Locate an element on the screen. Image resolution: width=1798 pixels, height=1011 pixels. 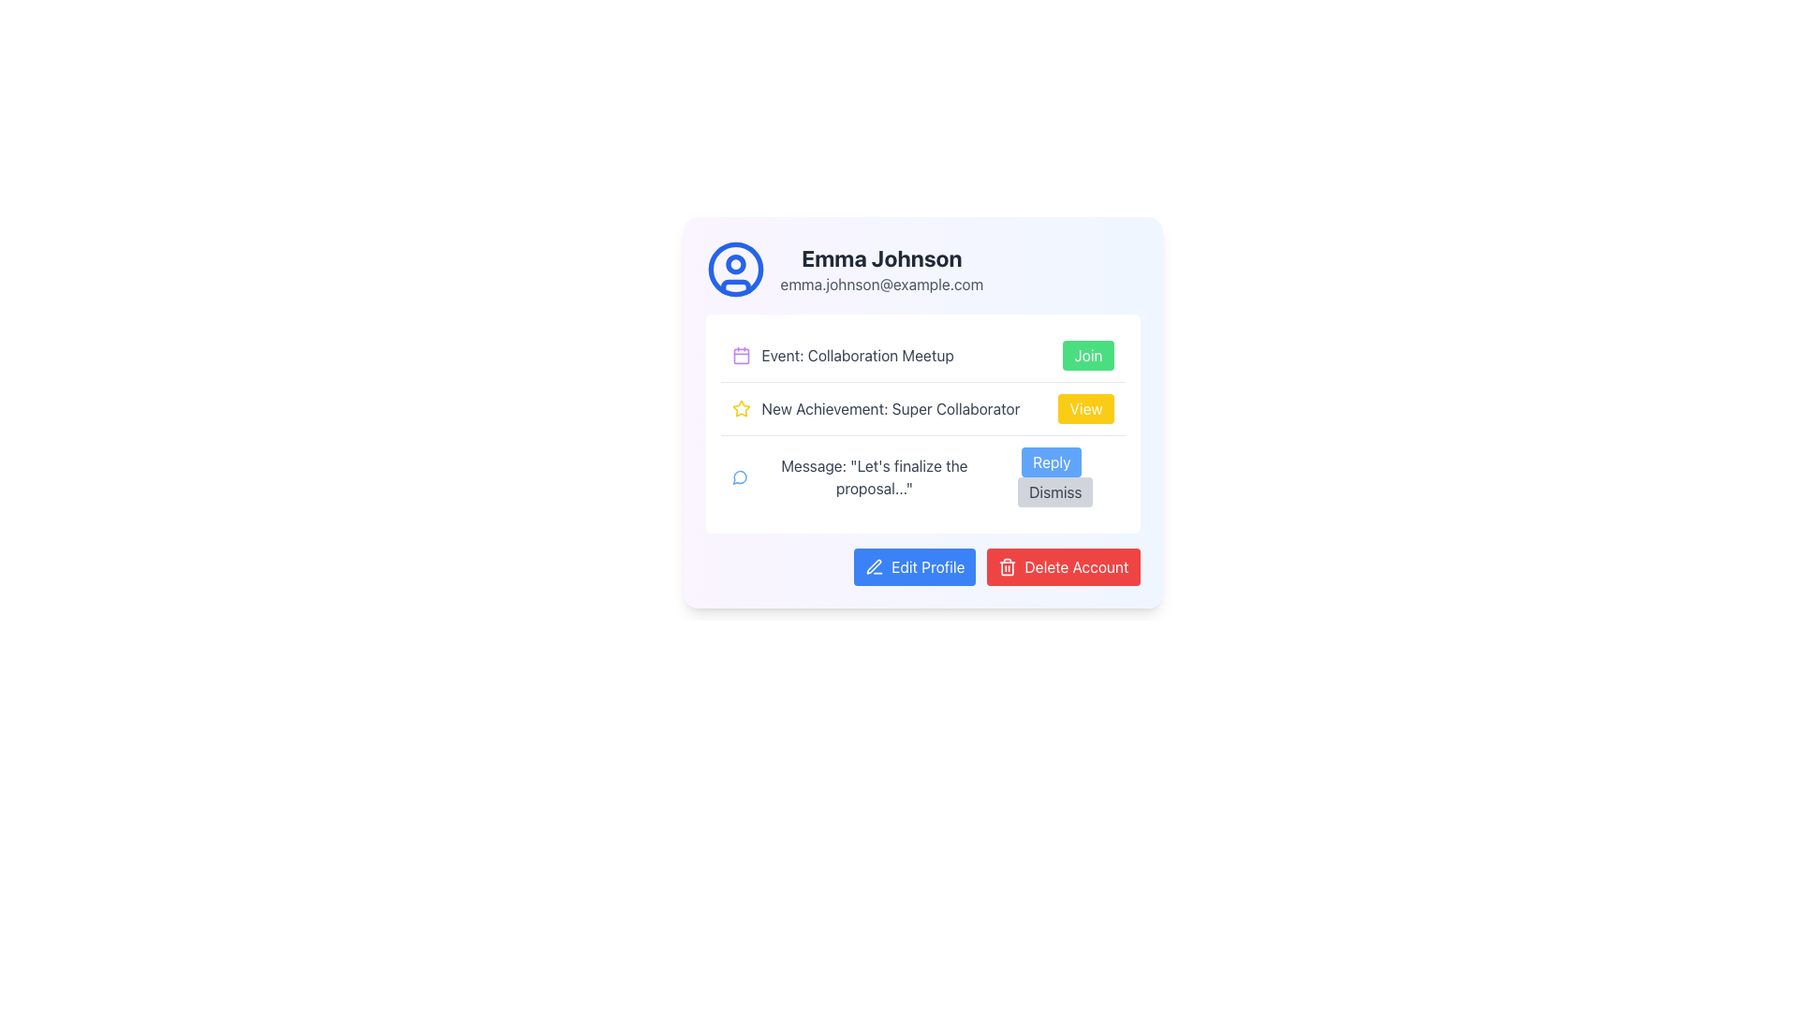
the 'Delete Account' icon, which is part of the red button located in the lower-right corner of the card component is located at coordinates (1007, 565).